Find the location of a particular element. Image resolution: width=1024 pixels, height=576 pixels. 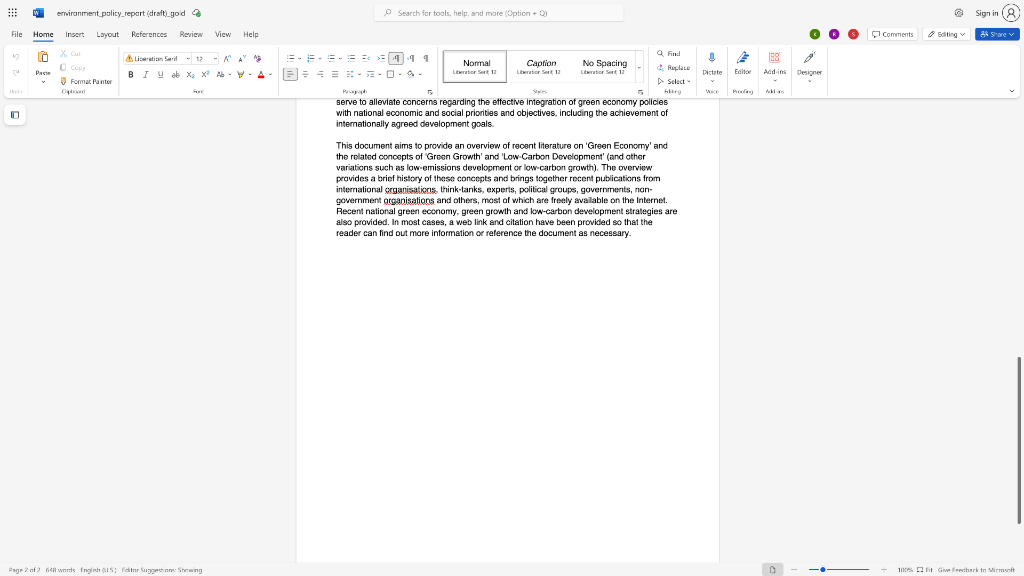

the scrollbar to move the content higher is located at coordinates (1018, 160).